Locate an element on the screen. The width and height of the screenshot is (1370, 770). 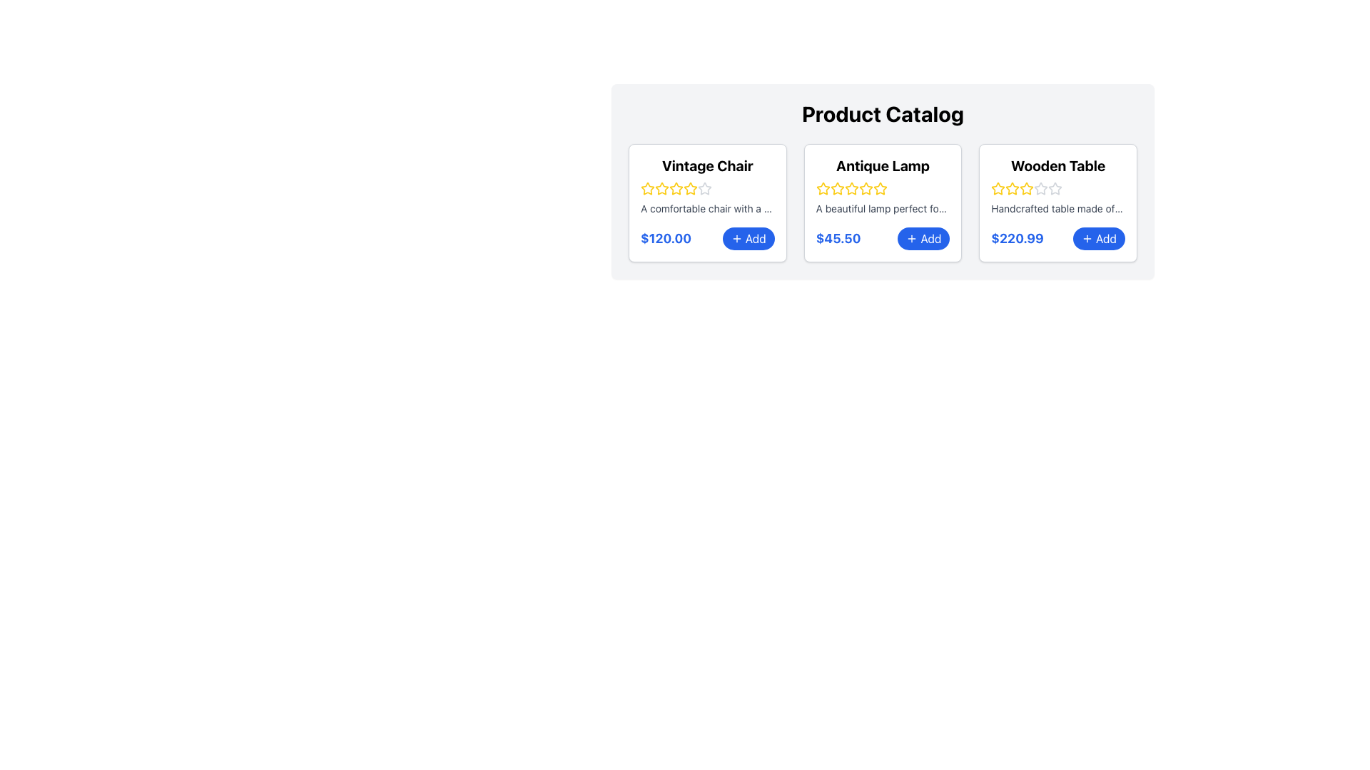
the second yellow star icon is located at coordinates (837, 188).